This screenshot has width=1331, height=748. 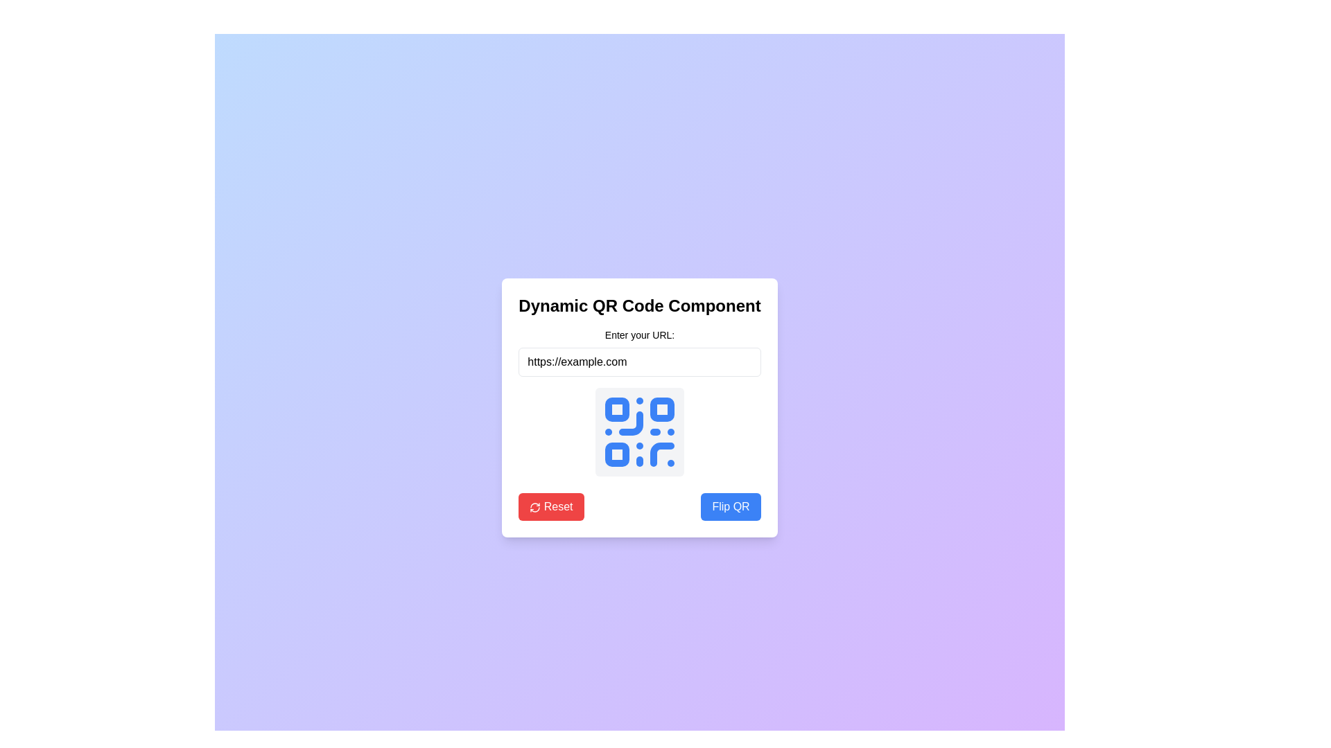 I want to click on the small rectangle located in the top-right section of the QR code graphic, which is the second square in the horizontal grid row, part of the blue square grid, so click(x=661, y=409).